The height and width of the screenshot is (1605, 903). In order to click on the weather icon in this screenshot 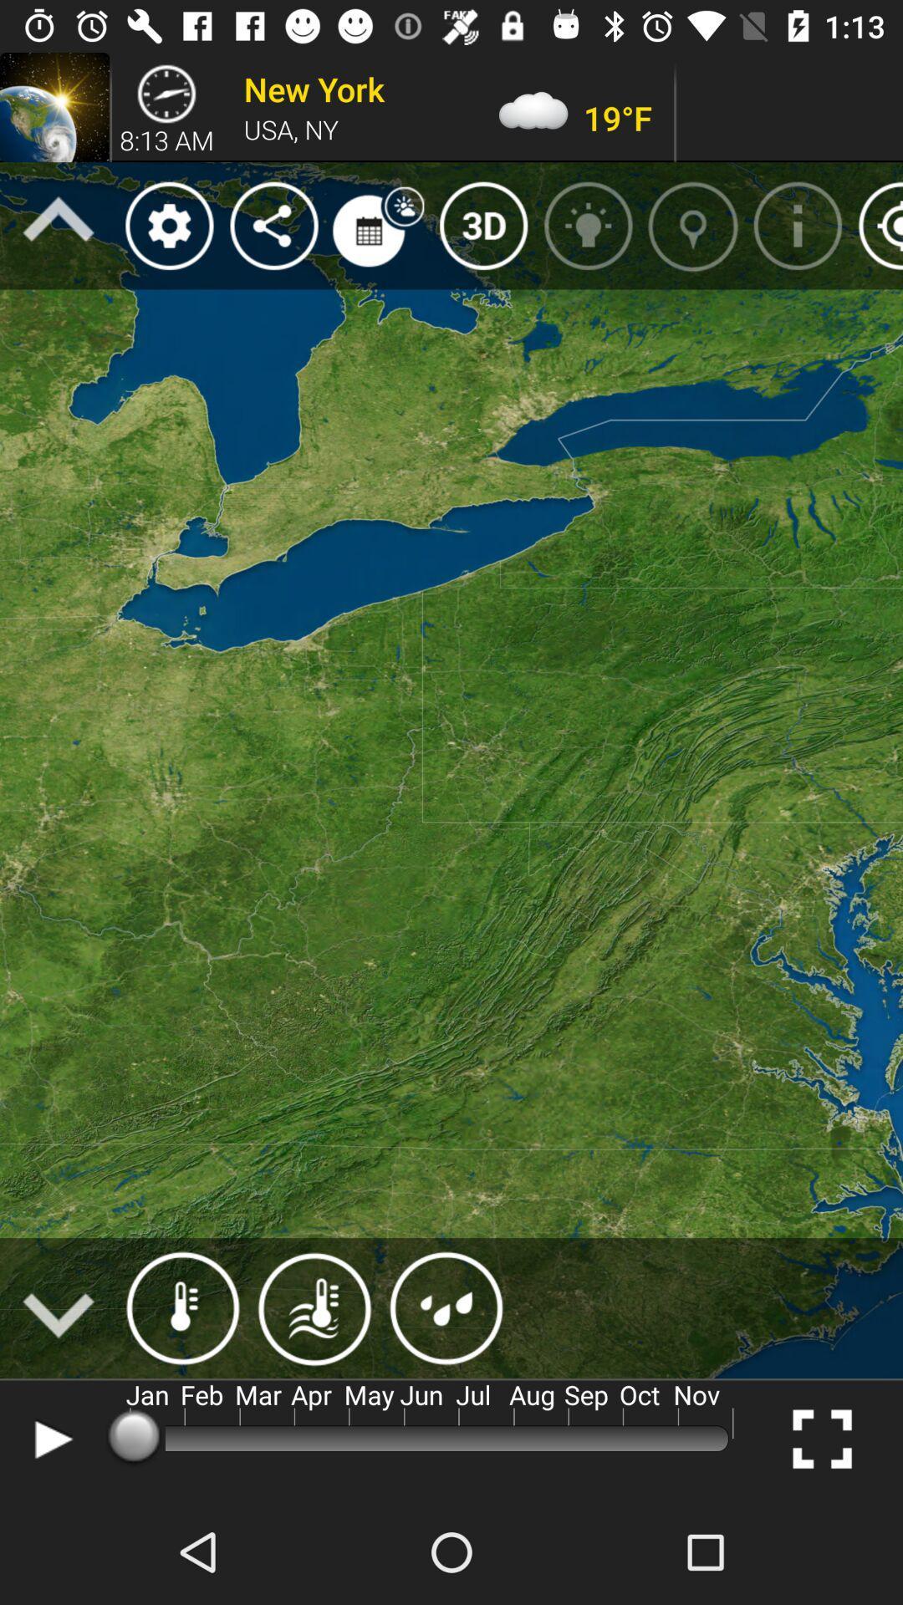, I will do `click(183, 1307)`.